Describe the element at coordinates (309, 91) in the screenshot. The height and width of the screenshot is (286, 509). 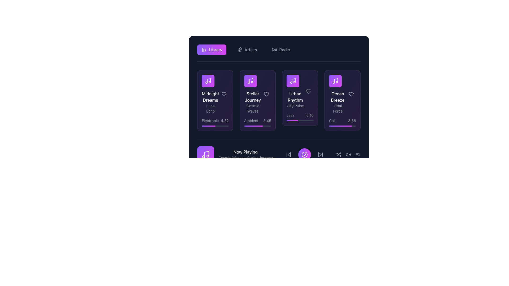
I see `the heart-shaped icon located in the top-right corner of the 'Urban Rhythm' card` at that location.